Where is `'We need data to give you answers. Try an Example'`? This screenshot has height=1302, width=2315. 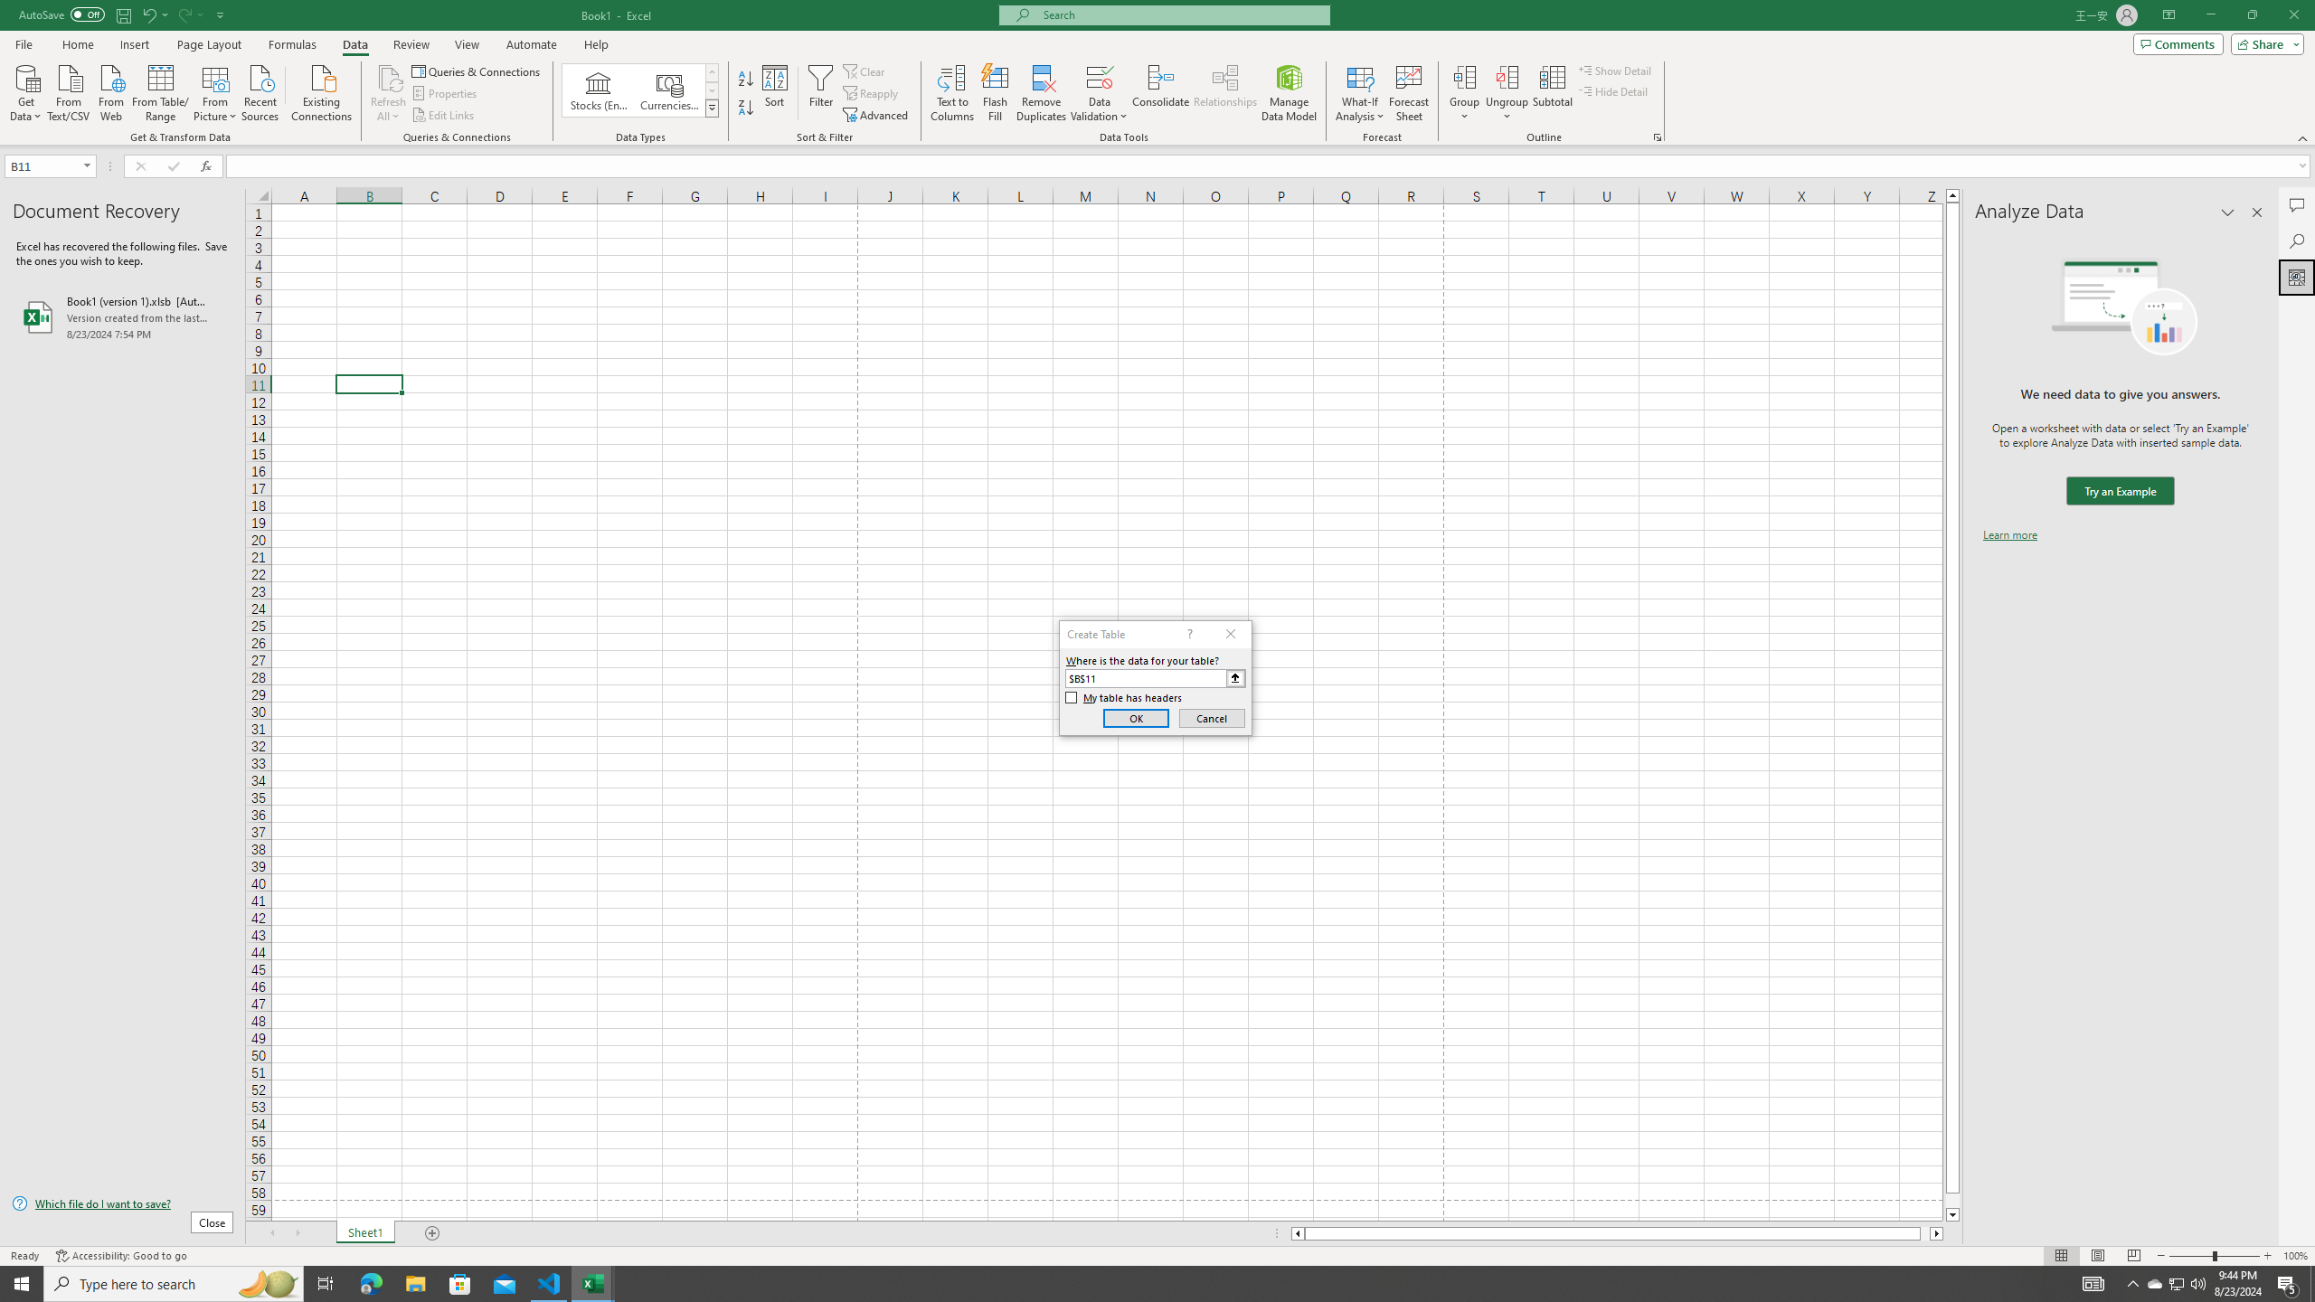 'We need data to give you answers. Try an Example' is located at coordinates (2119, 491).